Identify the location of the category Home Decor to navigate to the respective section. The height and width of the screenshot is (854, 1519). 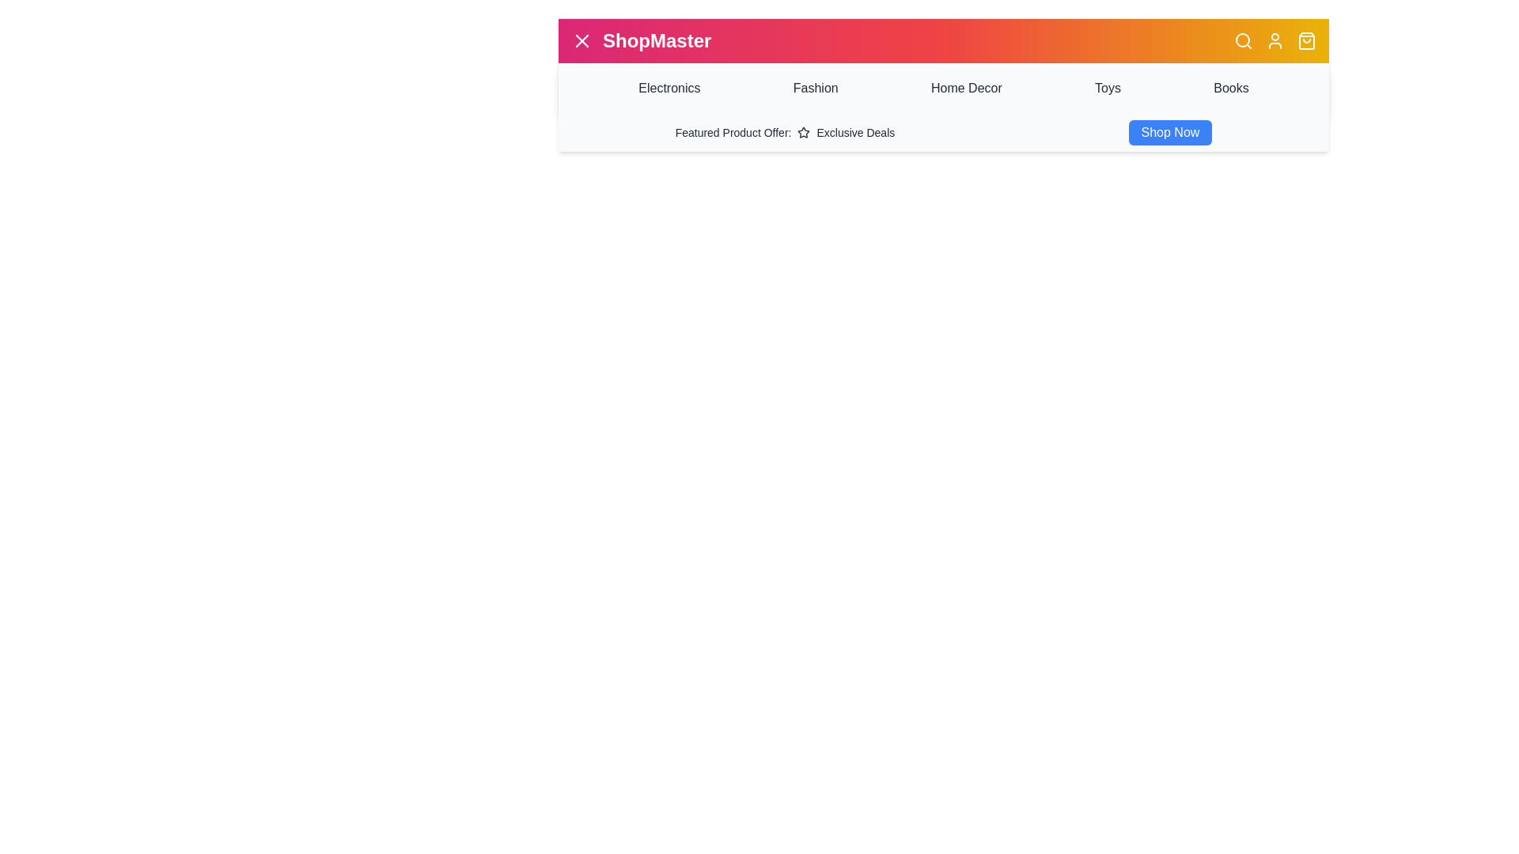
(965, 88).